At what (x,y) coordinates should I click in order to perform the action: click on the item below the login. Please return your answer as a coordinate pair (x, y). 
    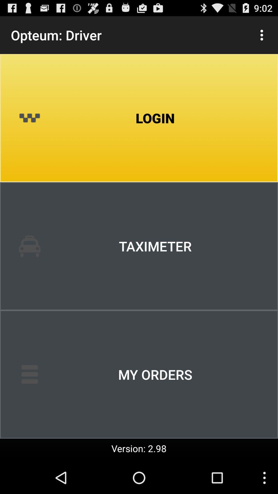
    Looking at the image, I should click on (139, 246).